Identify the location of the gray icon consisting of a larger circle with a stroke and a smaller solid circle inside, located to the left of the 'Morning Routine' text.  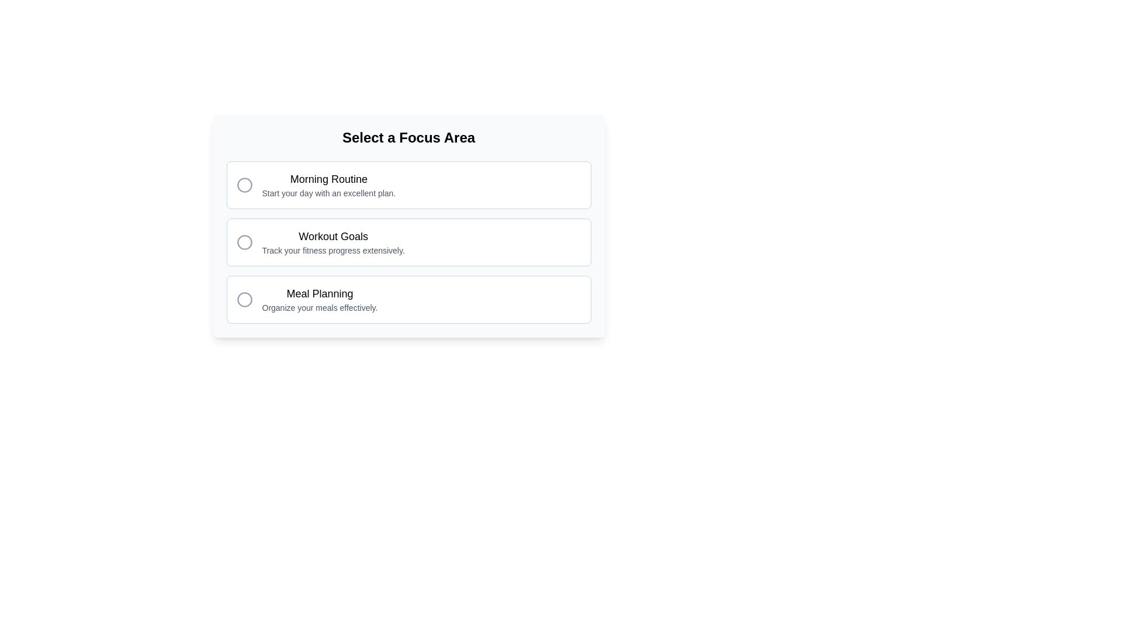
(244, 184).